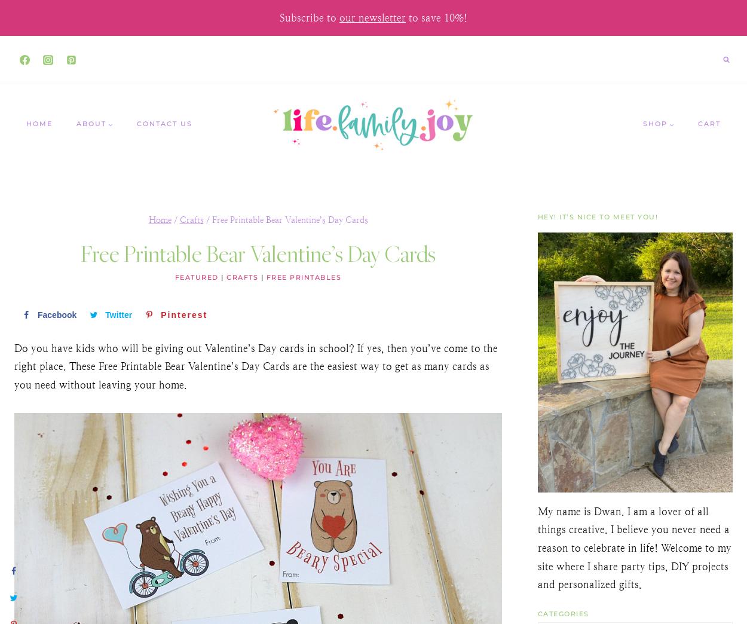  What do you see at coordinates (56, 314) in the screenshot?
I see `'Facebook'` at bounding box center [56, 314].